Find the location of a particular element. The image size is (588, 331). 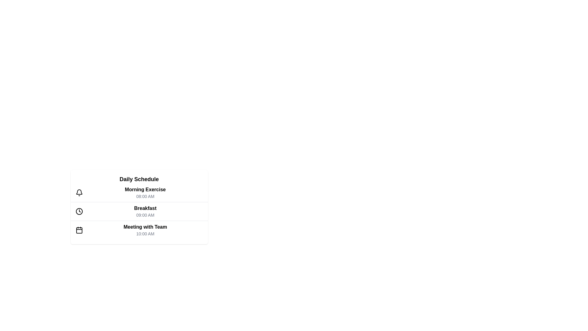

the Information Card displaying the meeting scheduled at 10:00 AM, which is located below the 'Breakfast 09:00 AM' entry in the list is located at coordinates (139, 230).